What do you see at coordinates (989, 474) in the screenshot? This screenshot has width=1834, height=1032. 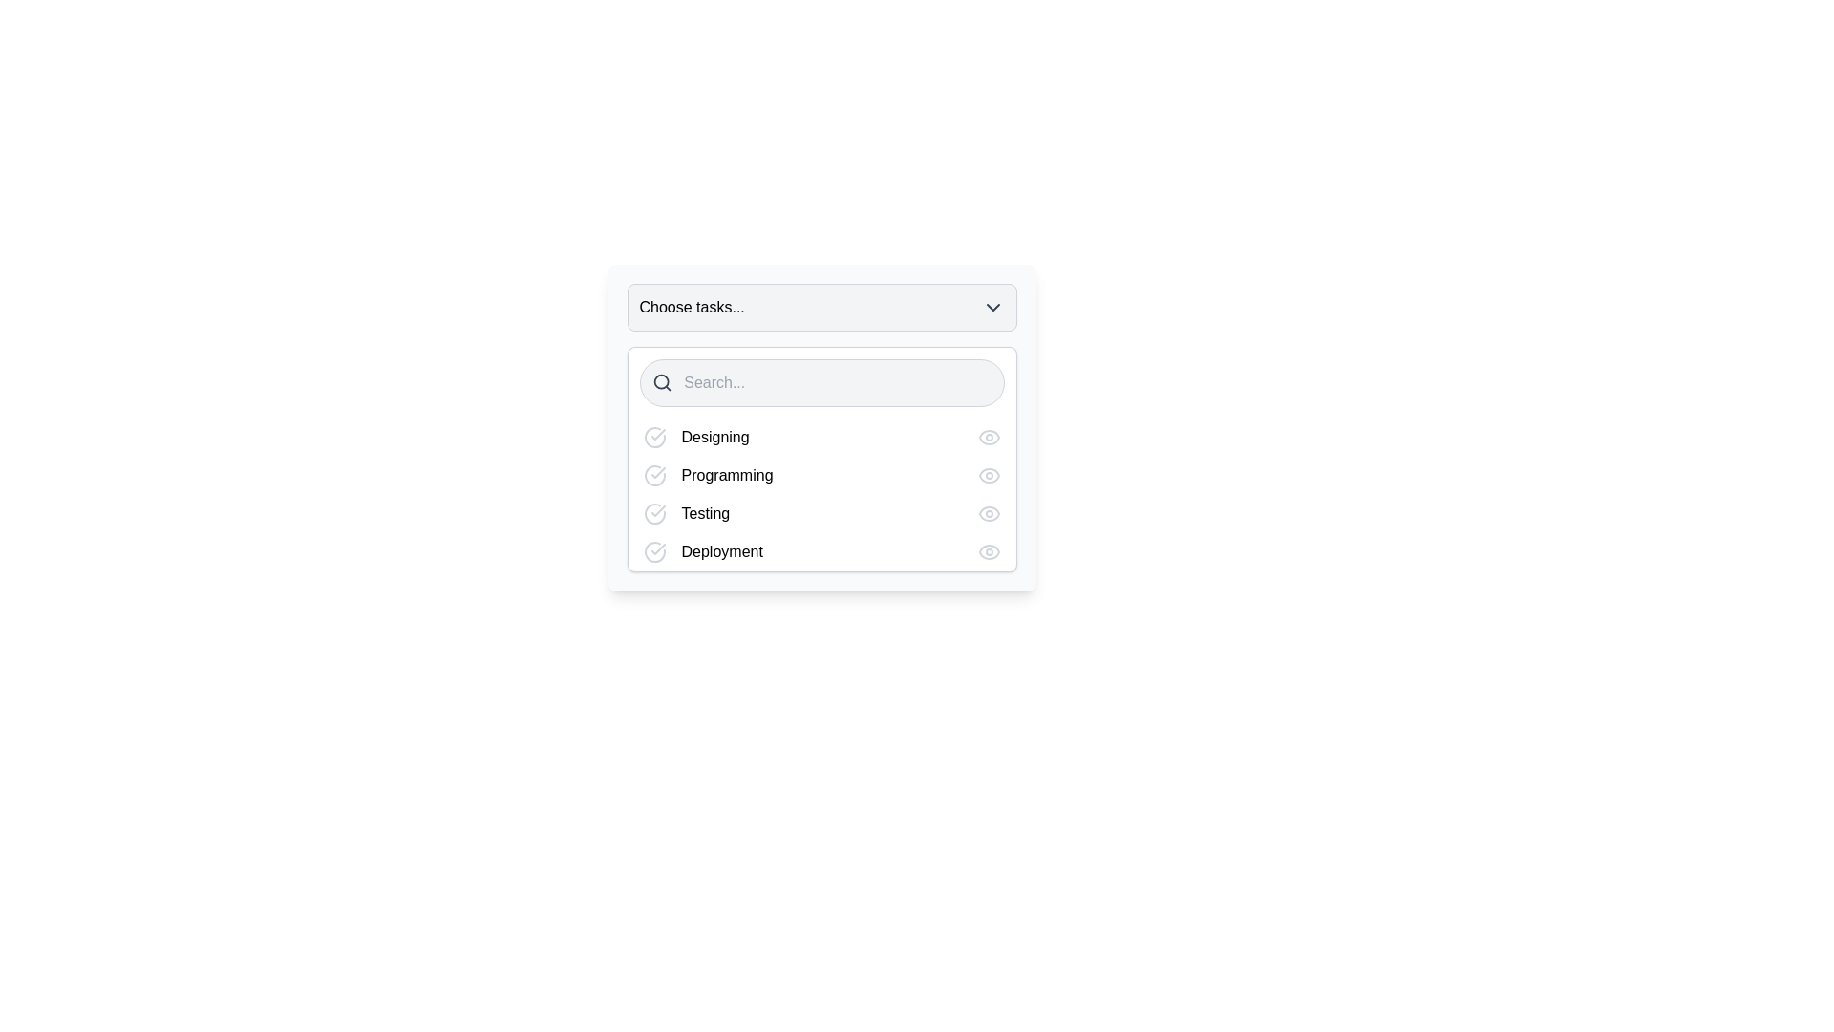 I see `the preview icon button located at the far-right of the 'Programming' entry` at bounding box center [989, 474].